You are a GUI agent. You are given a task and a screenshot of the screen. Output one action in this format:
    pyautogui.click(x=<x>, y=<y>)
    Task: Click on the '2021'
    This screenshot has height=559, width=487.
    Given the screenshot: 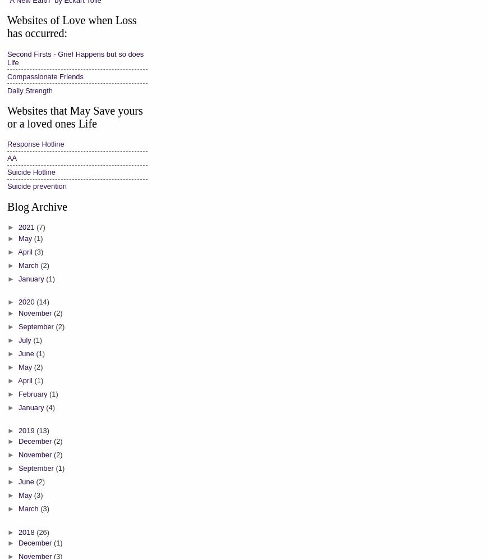 What is the action you would take?
    pyautogui.click(x=27, y=227)
    